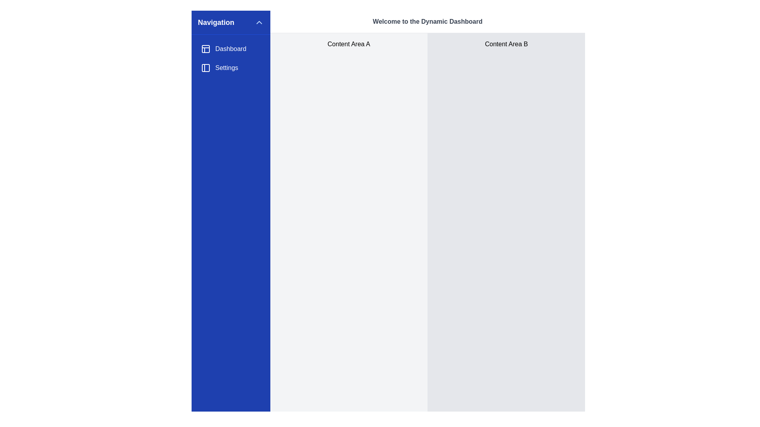 The width and height of the screenshot is (760, 427). I want to click on the small rectangular Decorative SVG element with rounded corners, located within the vertical navigation bar above a horizontal line and to the left of a vertical line, adjacent to the text 'Dashboard', so click(205, 49).